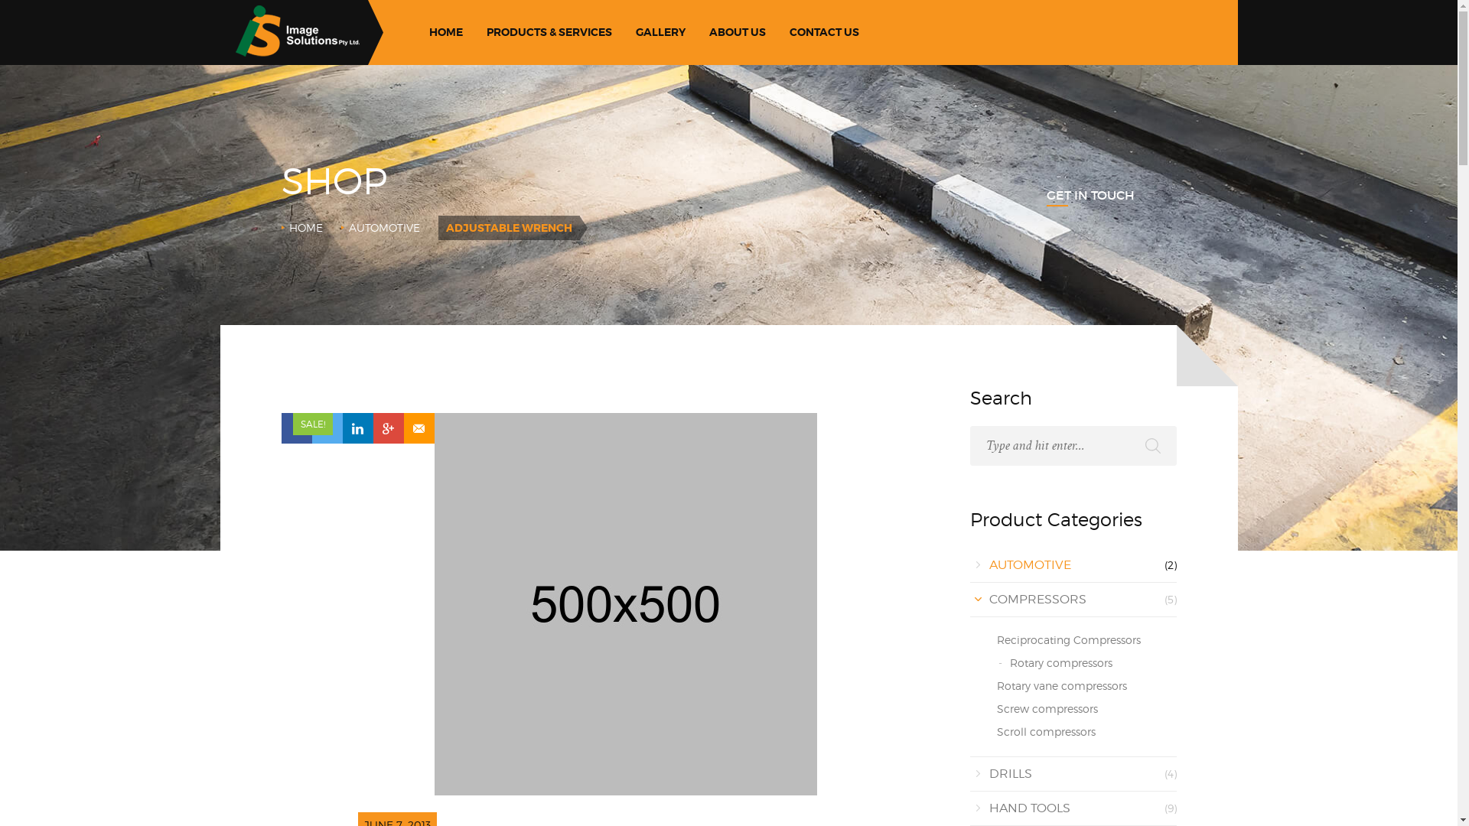  Describe the element at coordinates (1010, 773) in the screenshot. I see `'DRILLS'` at that location.